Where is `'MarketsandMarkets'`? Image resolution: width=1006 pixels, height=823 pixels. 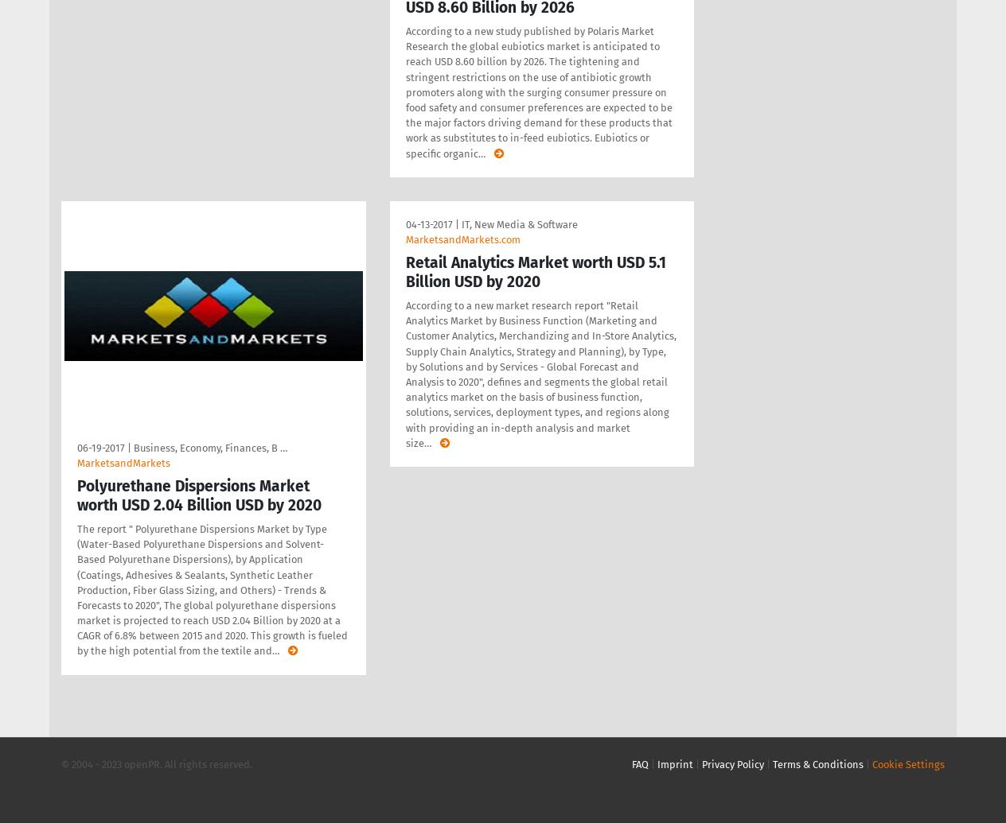 'MarketsandMarkets' is located at coordinates (123, 461).